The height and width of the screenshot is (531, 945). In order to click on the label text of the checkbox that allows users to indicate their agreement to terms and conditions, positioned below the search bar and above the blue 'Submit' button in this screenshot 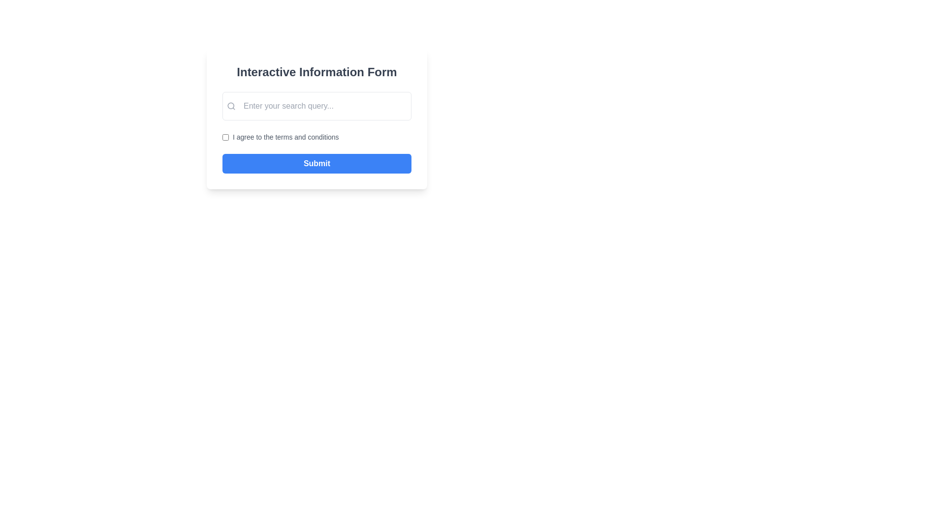, I will do `click(316, 137)`.